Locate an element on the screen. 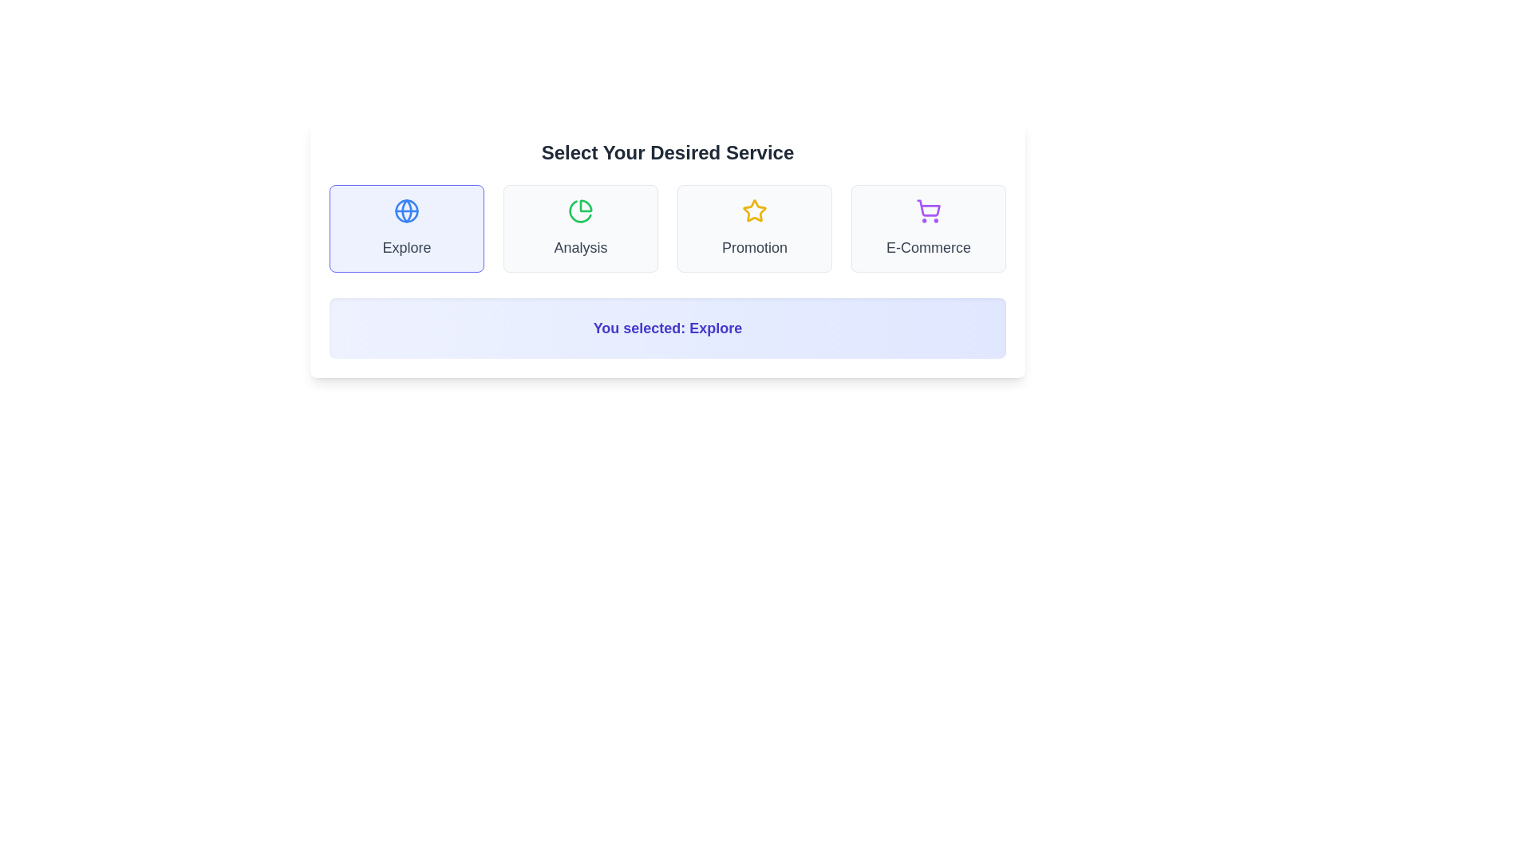 The height and width of the screenshot is (861, 1532). the circular part of the globe icon within the 'Explore' button, which is located at the top left corner of the selection section is located at coordinates (406, 210).